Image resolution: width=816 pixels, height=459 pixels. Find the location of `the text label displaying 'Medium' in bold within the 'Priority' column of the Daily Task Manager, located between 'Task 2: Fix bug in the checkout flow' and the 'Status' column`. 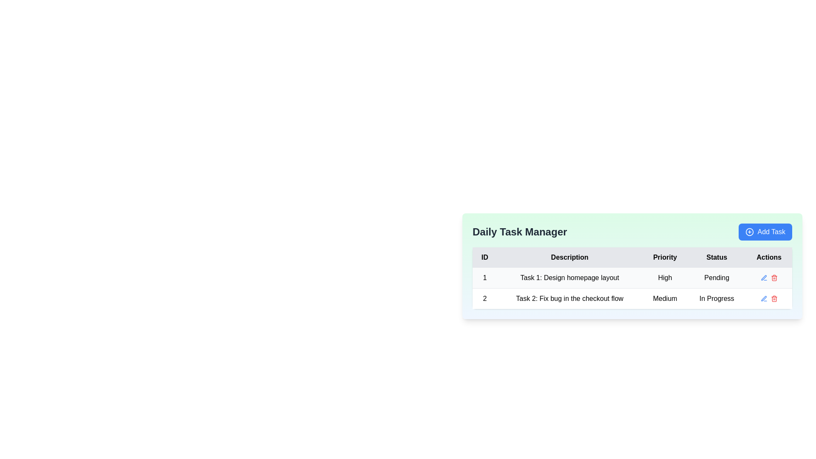

the text label displaying 'Medium' in bold within the 'Priority' column of the Daily Task Manager, located between 'Task 2: Fix bug in the checkout flow' and the 'Status' column is located at coordinates (664, 298).